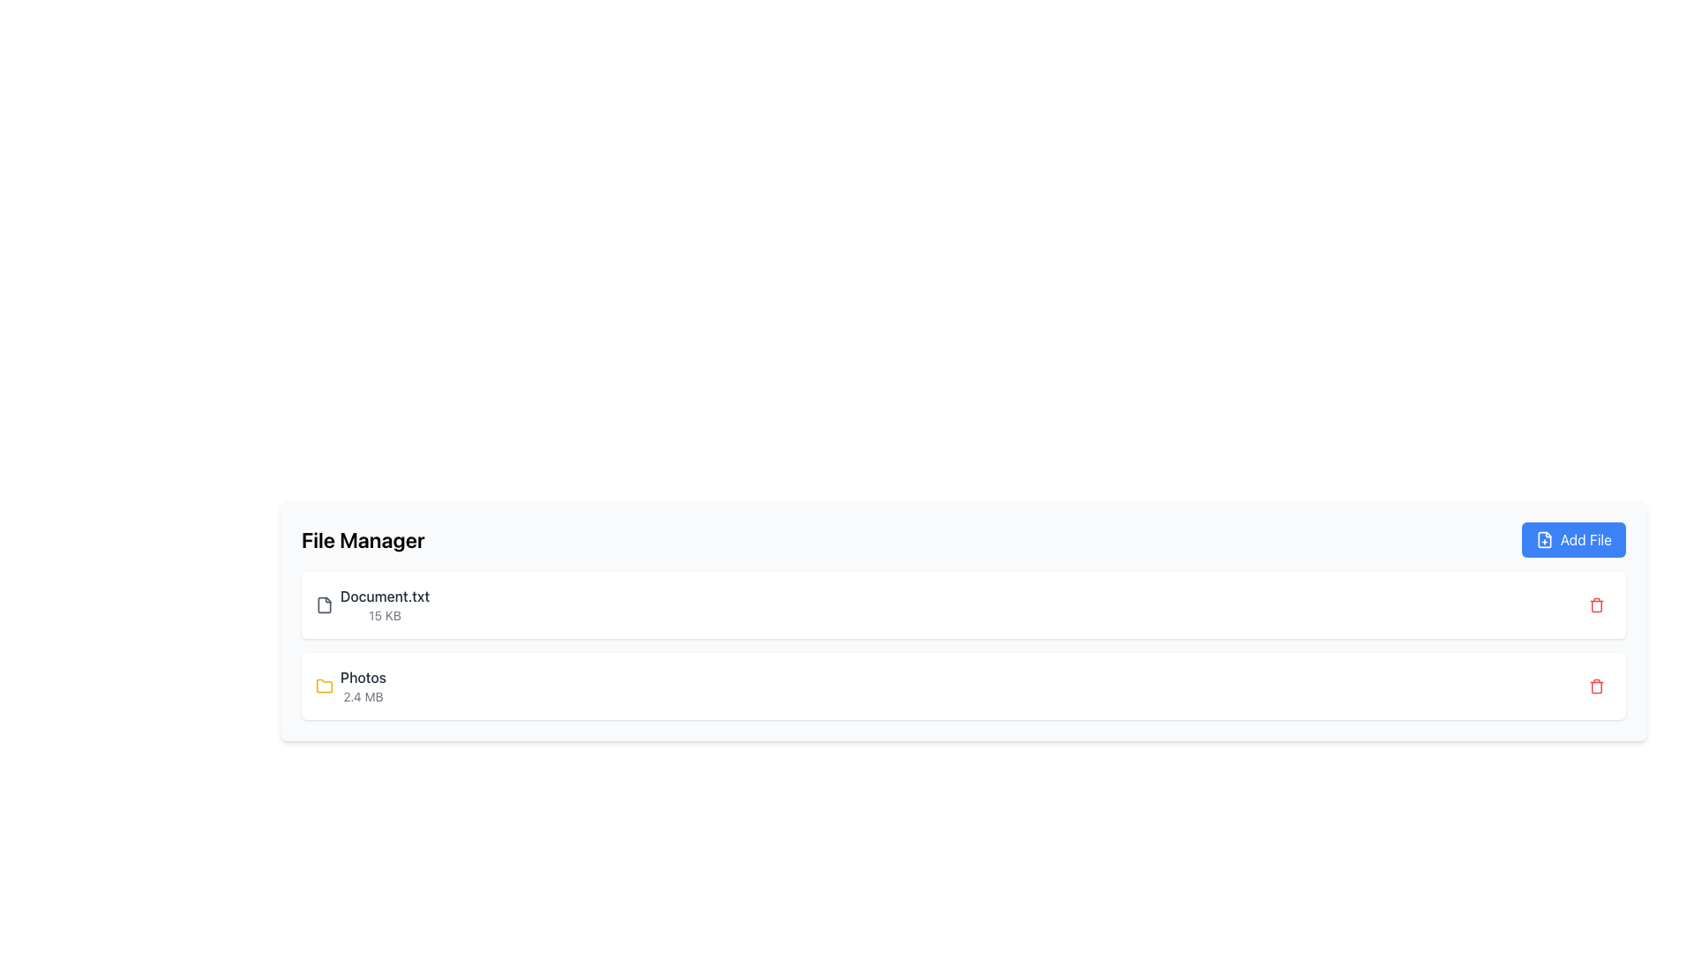 The image size is (1694, 953). Describe the element at coordinates (384, 615) in the screenshot. I see `the text label displaying '15 KB' located beneath 'Document.txt' in the file manager interface` at that location.